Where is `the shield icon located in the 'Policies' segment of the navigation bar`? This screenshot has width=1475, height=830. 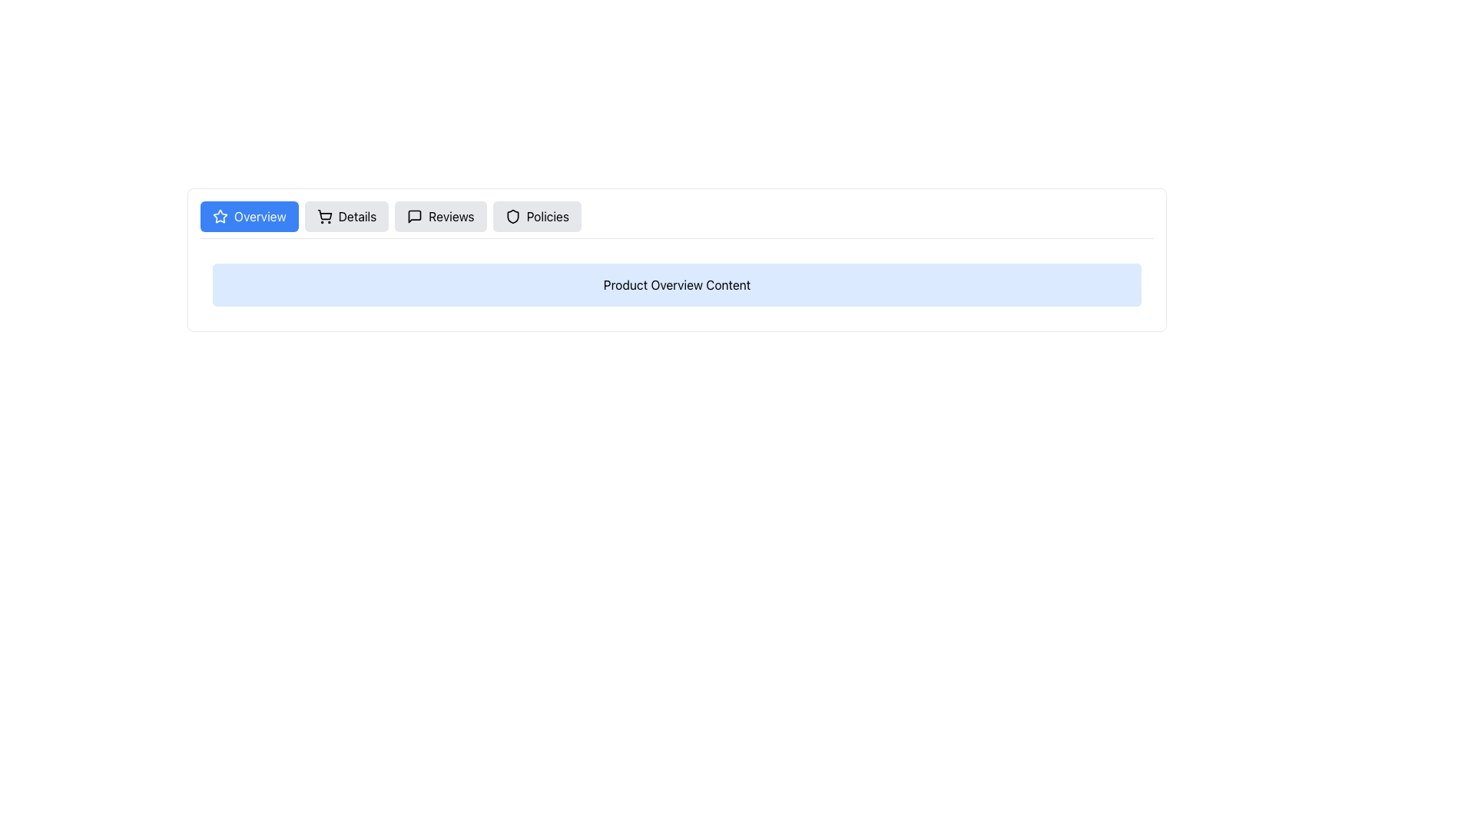
the shield icon located in the 'Policies' segment of the navigation bar is located at coordinates (512, 216).